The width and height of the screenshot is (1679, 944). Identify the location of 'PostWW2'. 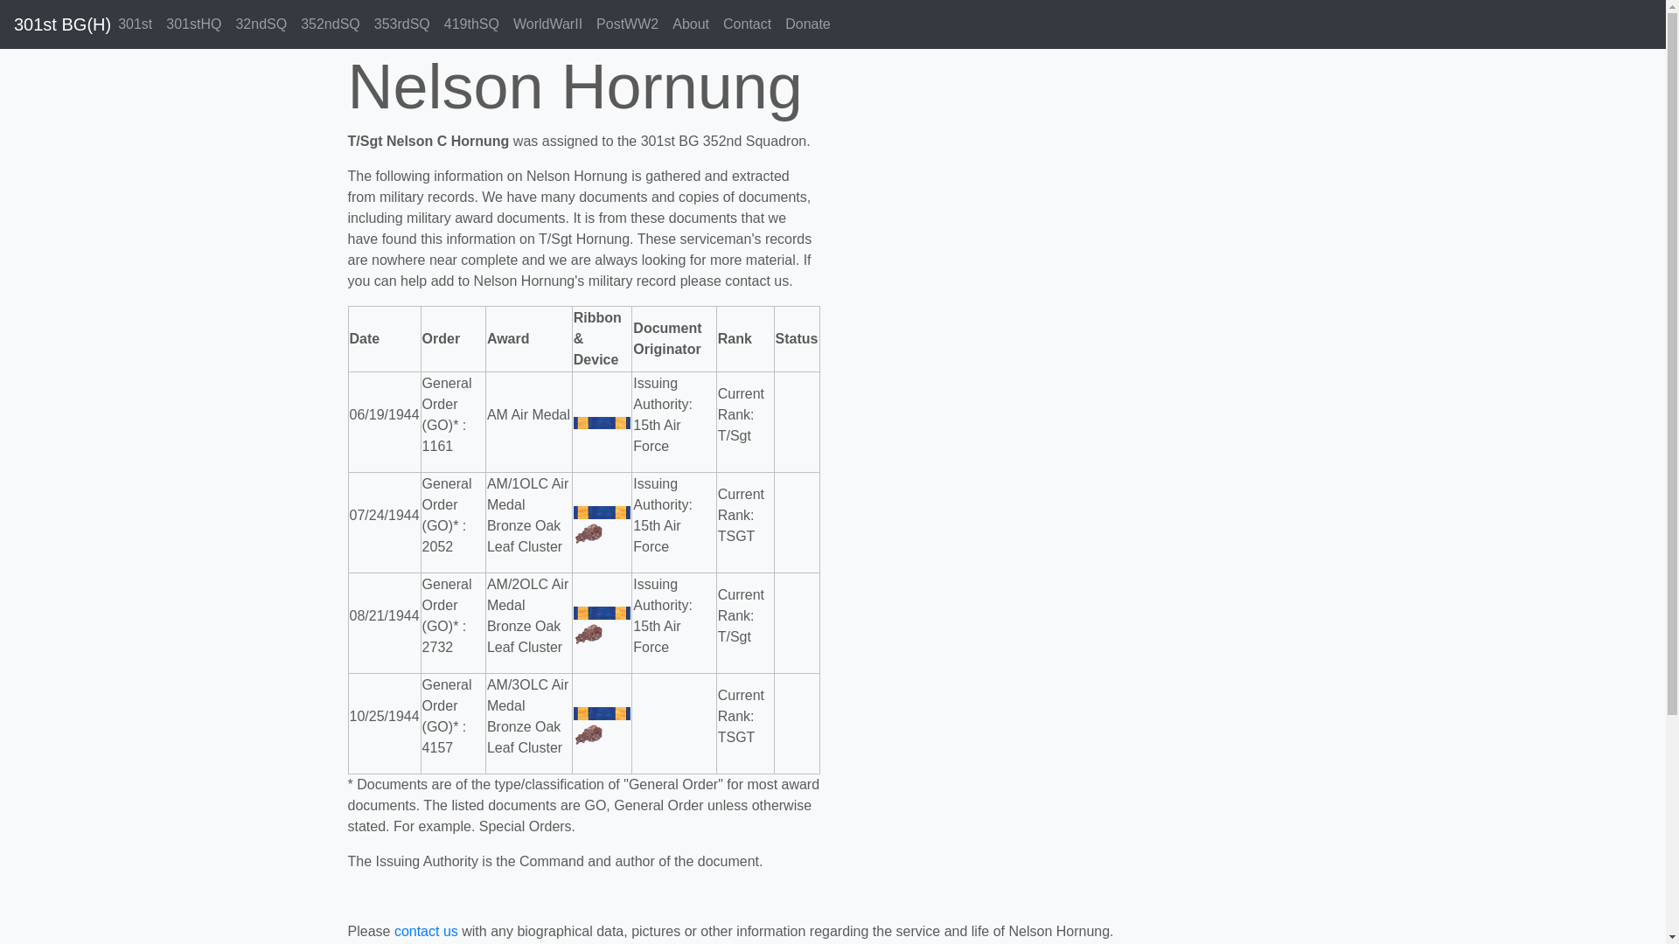
(627, 24).